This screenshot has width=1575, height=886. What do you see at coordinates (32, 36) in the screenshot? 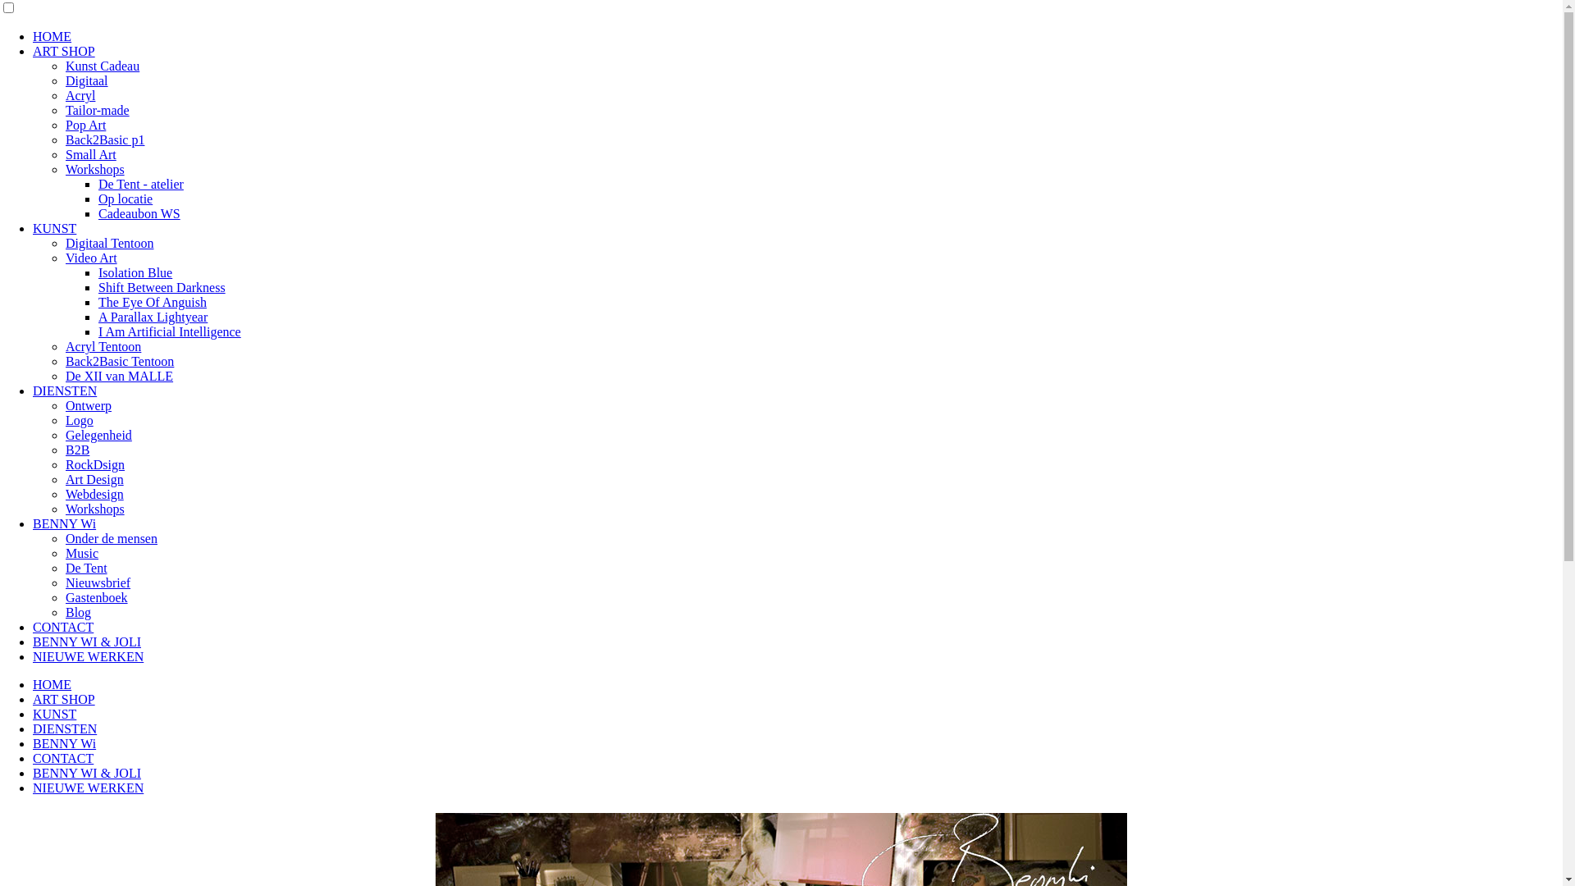
I see `'HOME'` at bounding box center [32, 36].